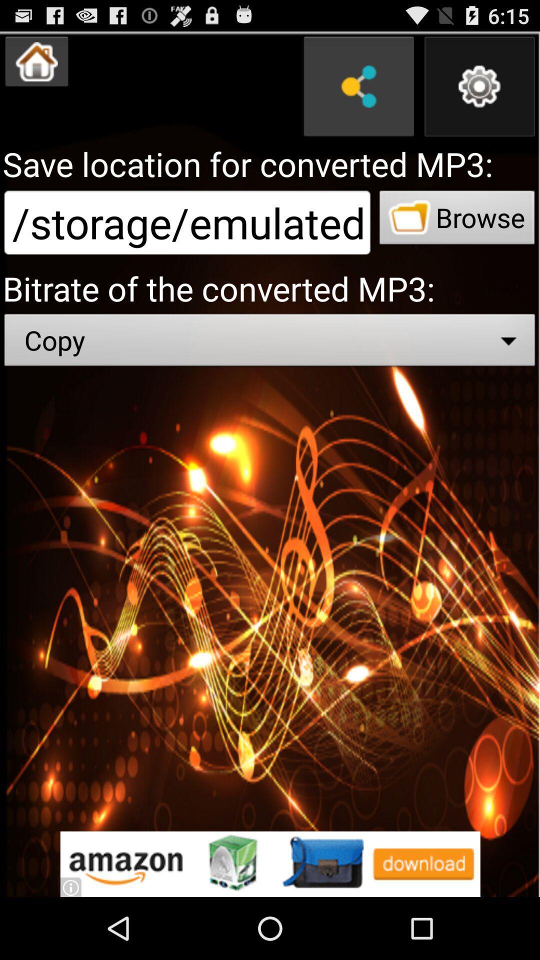 The image size is (540, 960). What do you see at coordinates (479, 86) in the screenshot?
I see `open app settings` at bounding box center [479, 86].